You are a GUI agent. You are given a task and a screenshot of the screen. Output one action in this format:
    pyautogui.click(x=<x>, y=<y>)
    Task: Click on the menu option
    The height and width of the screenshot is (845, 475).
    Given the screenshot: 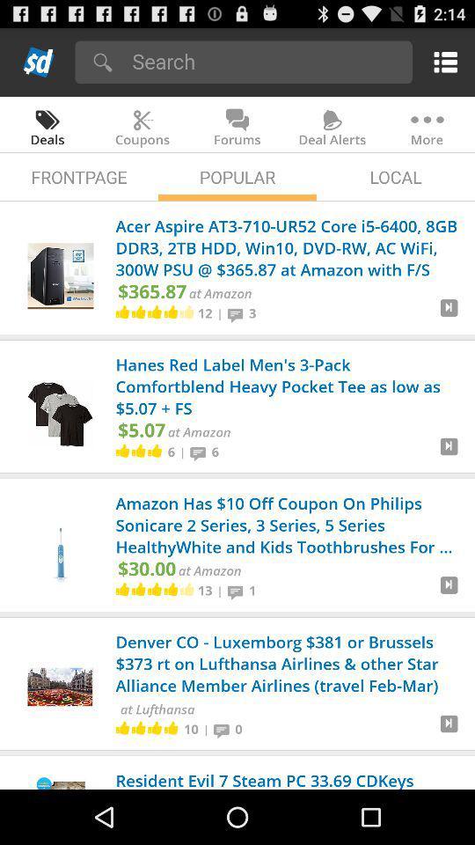 What is the action you would take?
    pyautogui.click(x=442, y=62)
    